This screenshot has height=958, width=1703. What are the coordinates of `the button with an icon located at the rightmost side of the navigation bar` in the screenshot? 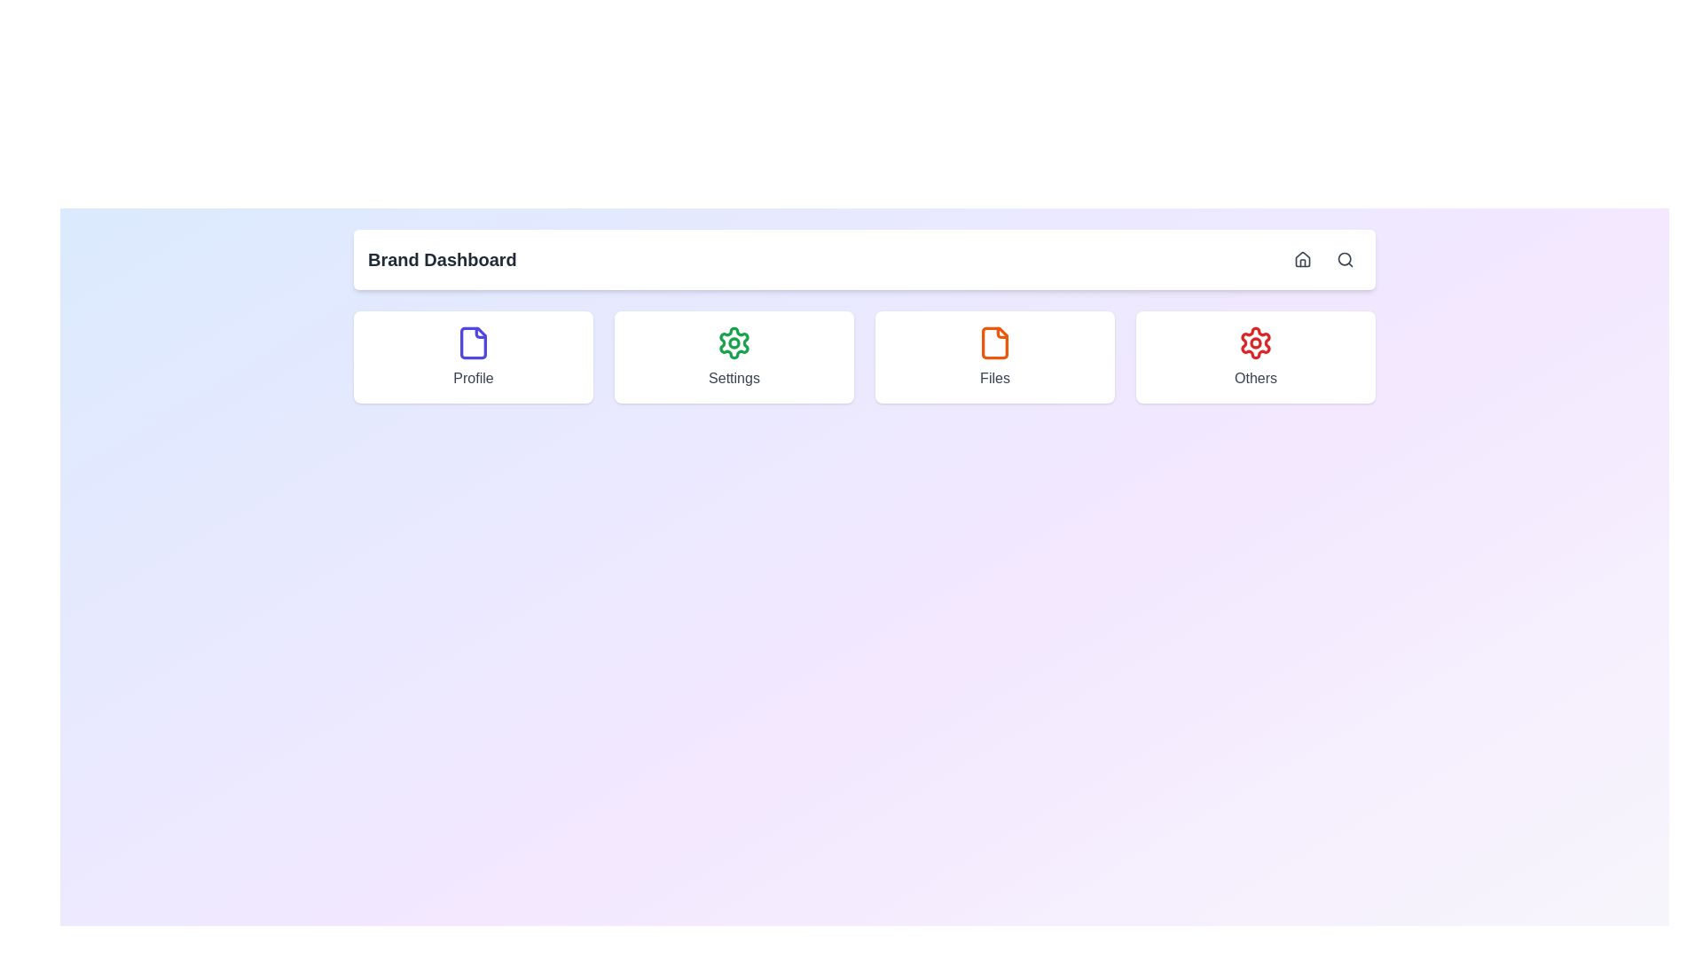 It's located at (1302, 260).